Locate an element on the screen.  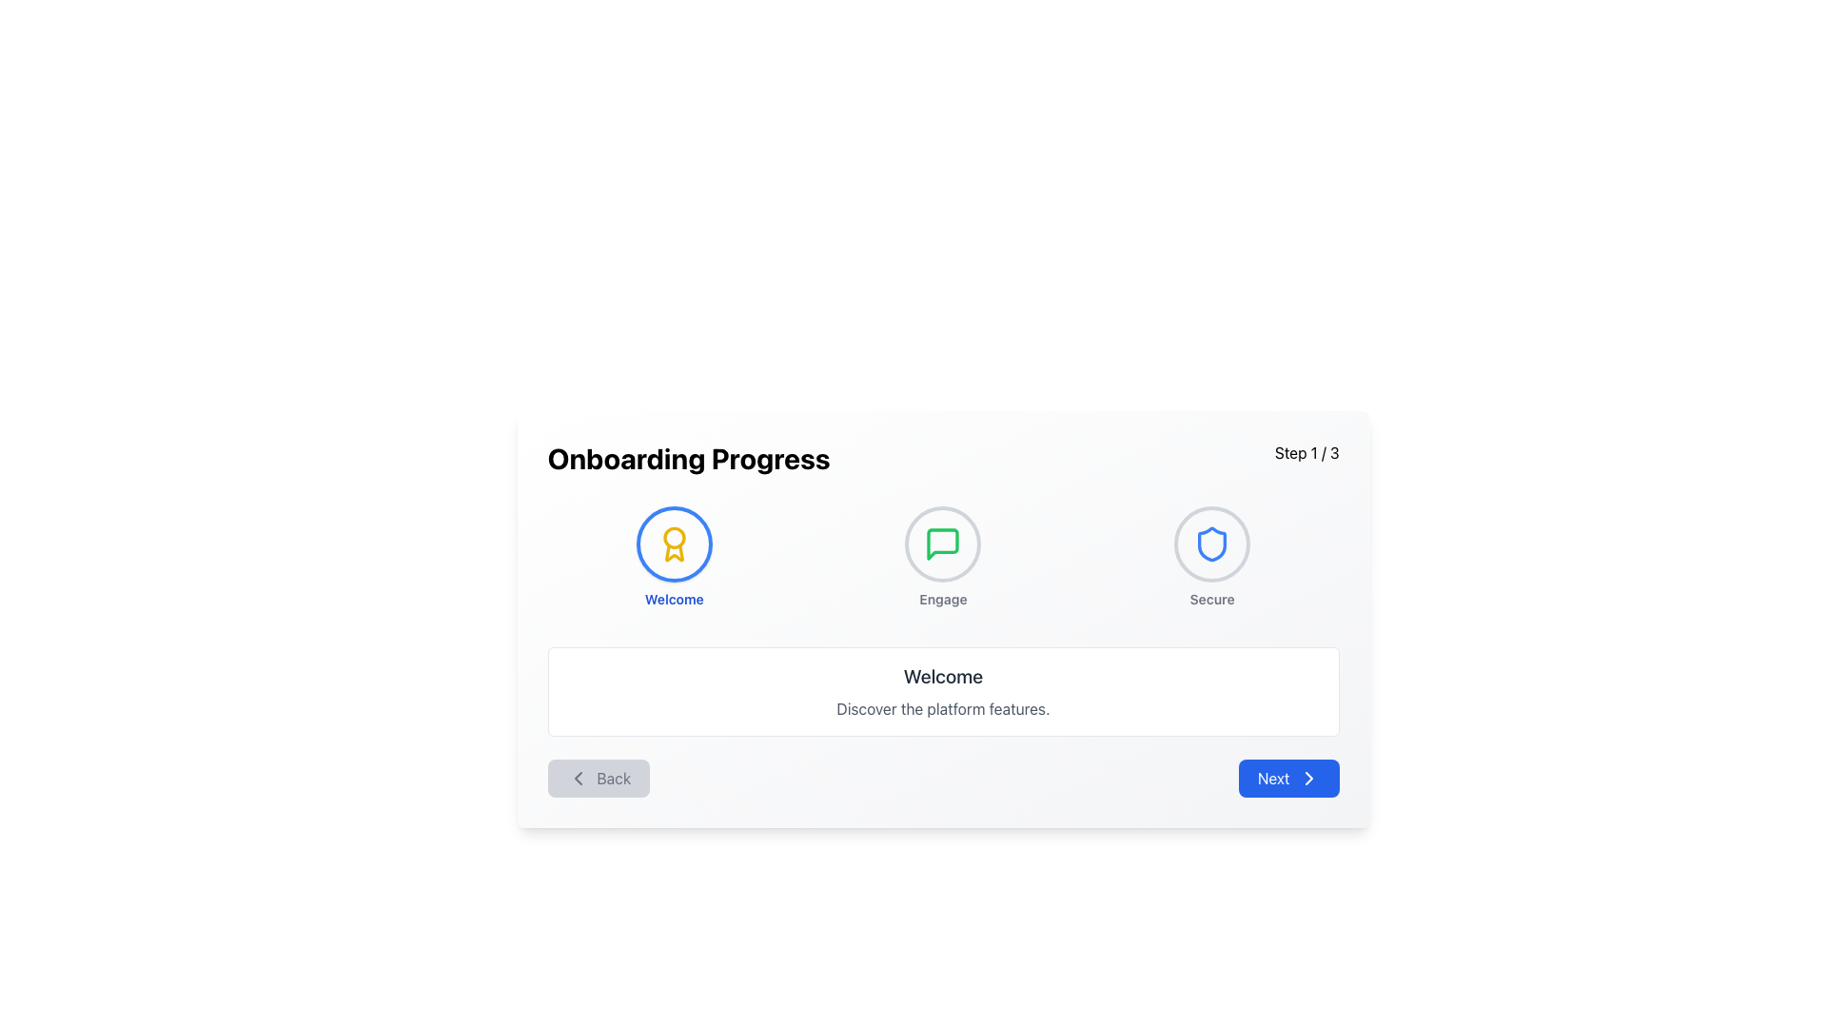
the text label displaying 'Secure', which is styled in a small bold font and centered, located below a circular badge with a shield icon is located at coordinates (1211, 598).